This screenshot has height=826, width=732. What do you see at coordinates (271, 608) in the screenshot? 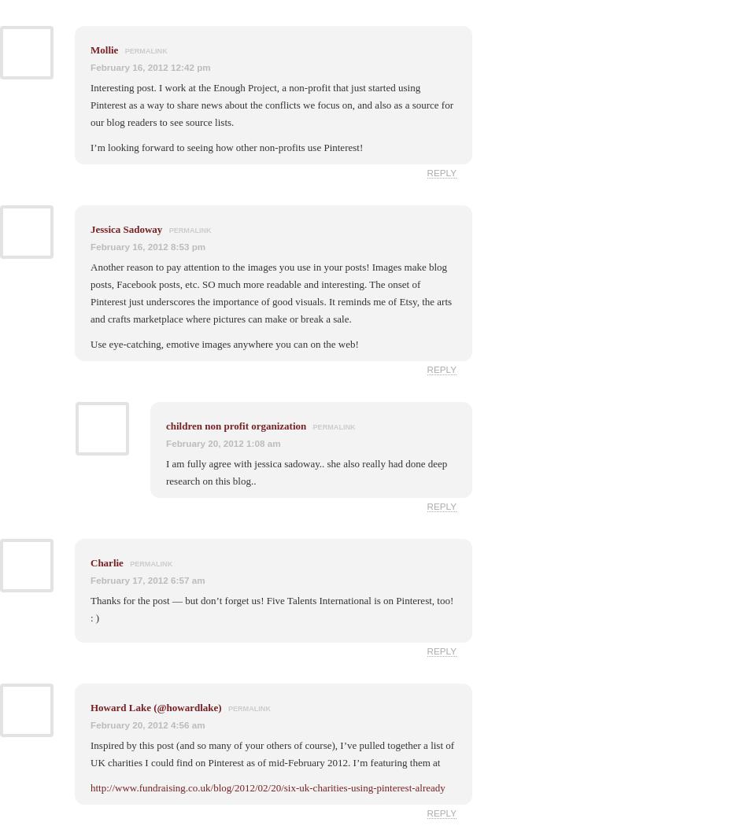
I see `'Thanks for the post — but don’t forget us! Five Talents International is on Pinterest, too! : )'` at bounding box center [271, 608].